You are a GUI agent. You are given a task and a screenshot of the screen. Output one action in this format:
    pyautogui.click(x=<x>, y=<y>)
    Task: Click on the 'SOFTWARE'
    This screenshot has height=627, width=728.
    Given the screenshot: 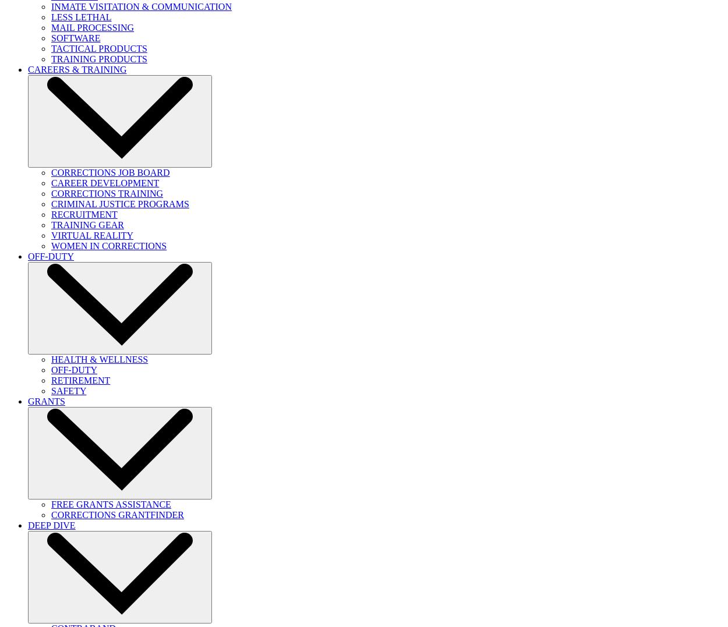 What is the action you would take?
    pyautogui.click(x=76, y=38)
    